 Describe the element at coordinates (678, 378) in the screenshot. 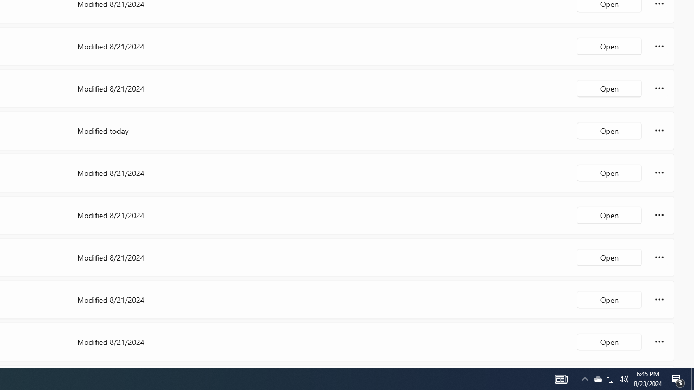

I see `'Action Center, 3 new notifications'` at that location.